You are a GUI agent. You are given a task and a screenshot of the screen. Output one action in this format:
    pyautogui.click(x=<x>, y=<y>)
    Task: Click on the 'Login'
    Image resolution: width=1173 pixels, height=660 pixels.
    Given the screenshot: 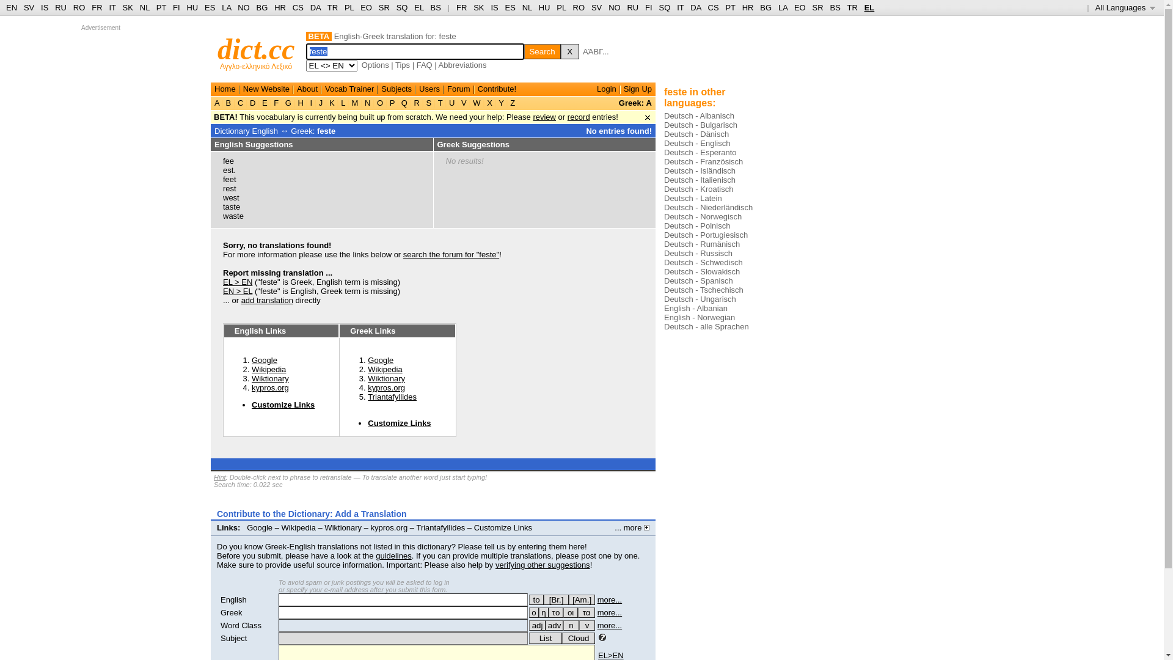 What is the action you would take?
    pyautogui.click(x=607, y=88)
    